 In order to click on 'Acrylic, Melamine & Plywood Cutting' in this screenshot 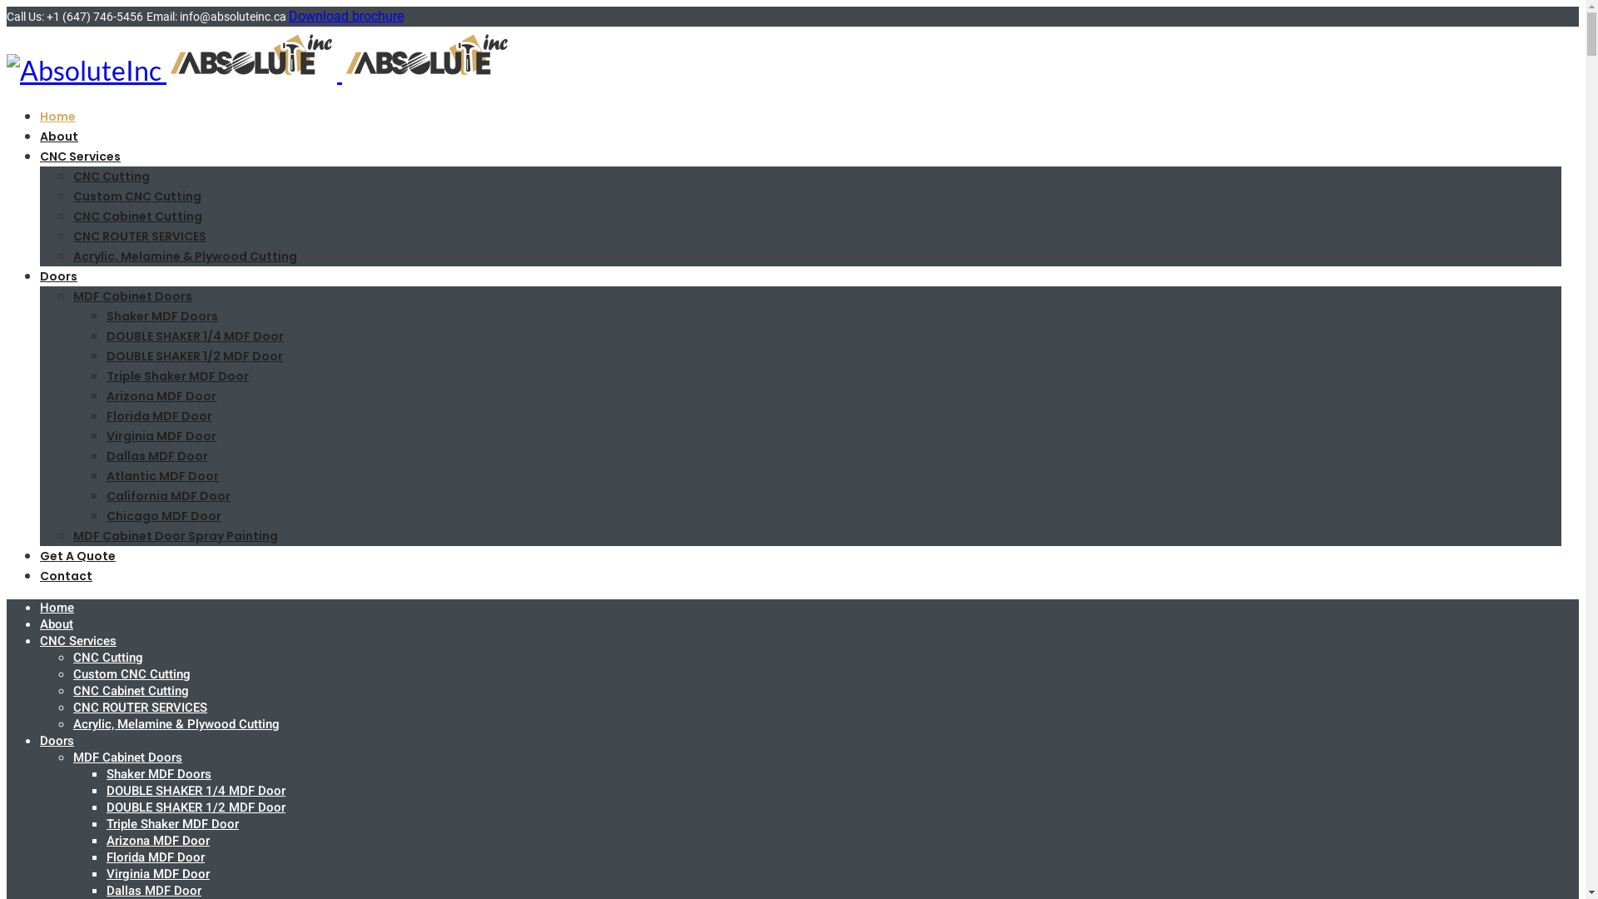, I will do `click(185, 256)`.